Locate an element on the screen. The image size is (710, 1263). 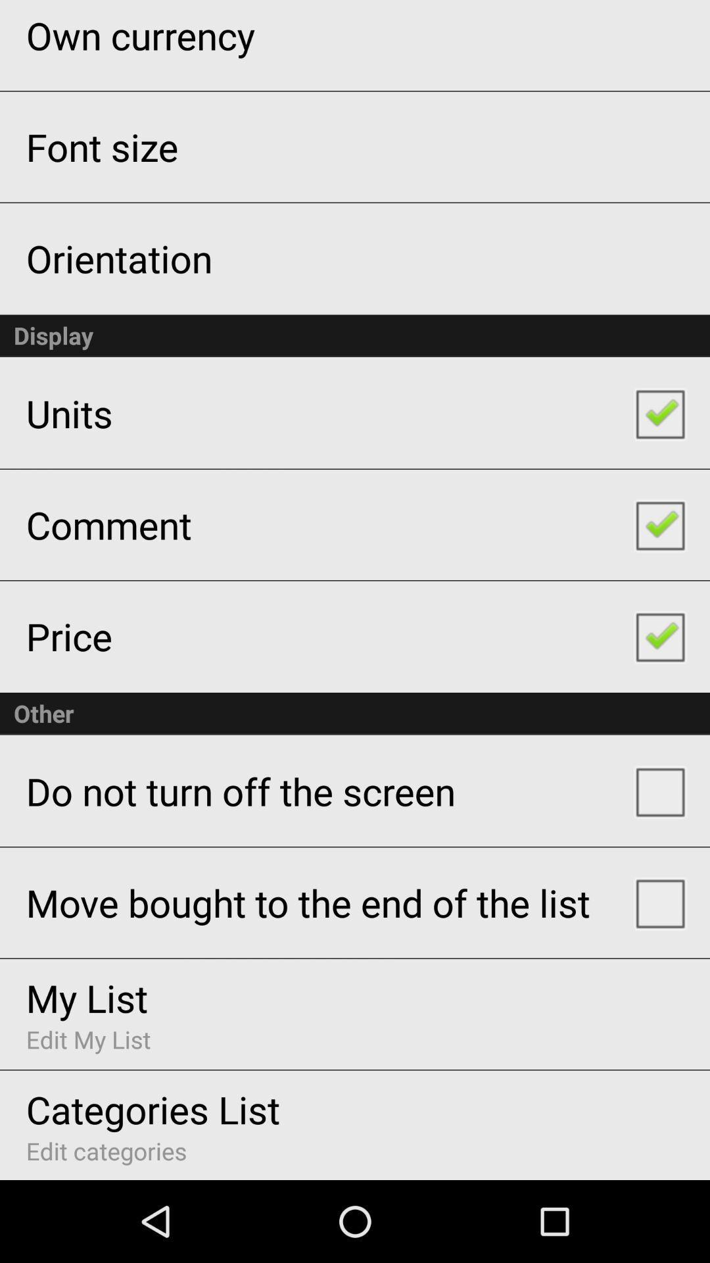
item above other is located at coordinates (69, 636).